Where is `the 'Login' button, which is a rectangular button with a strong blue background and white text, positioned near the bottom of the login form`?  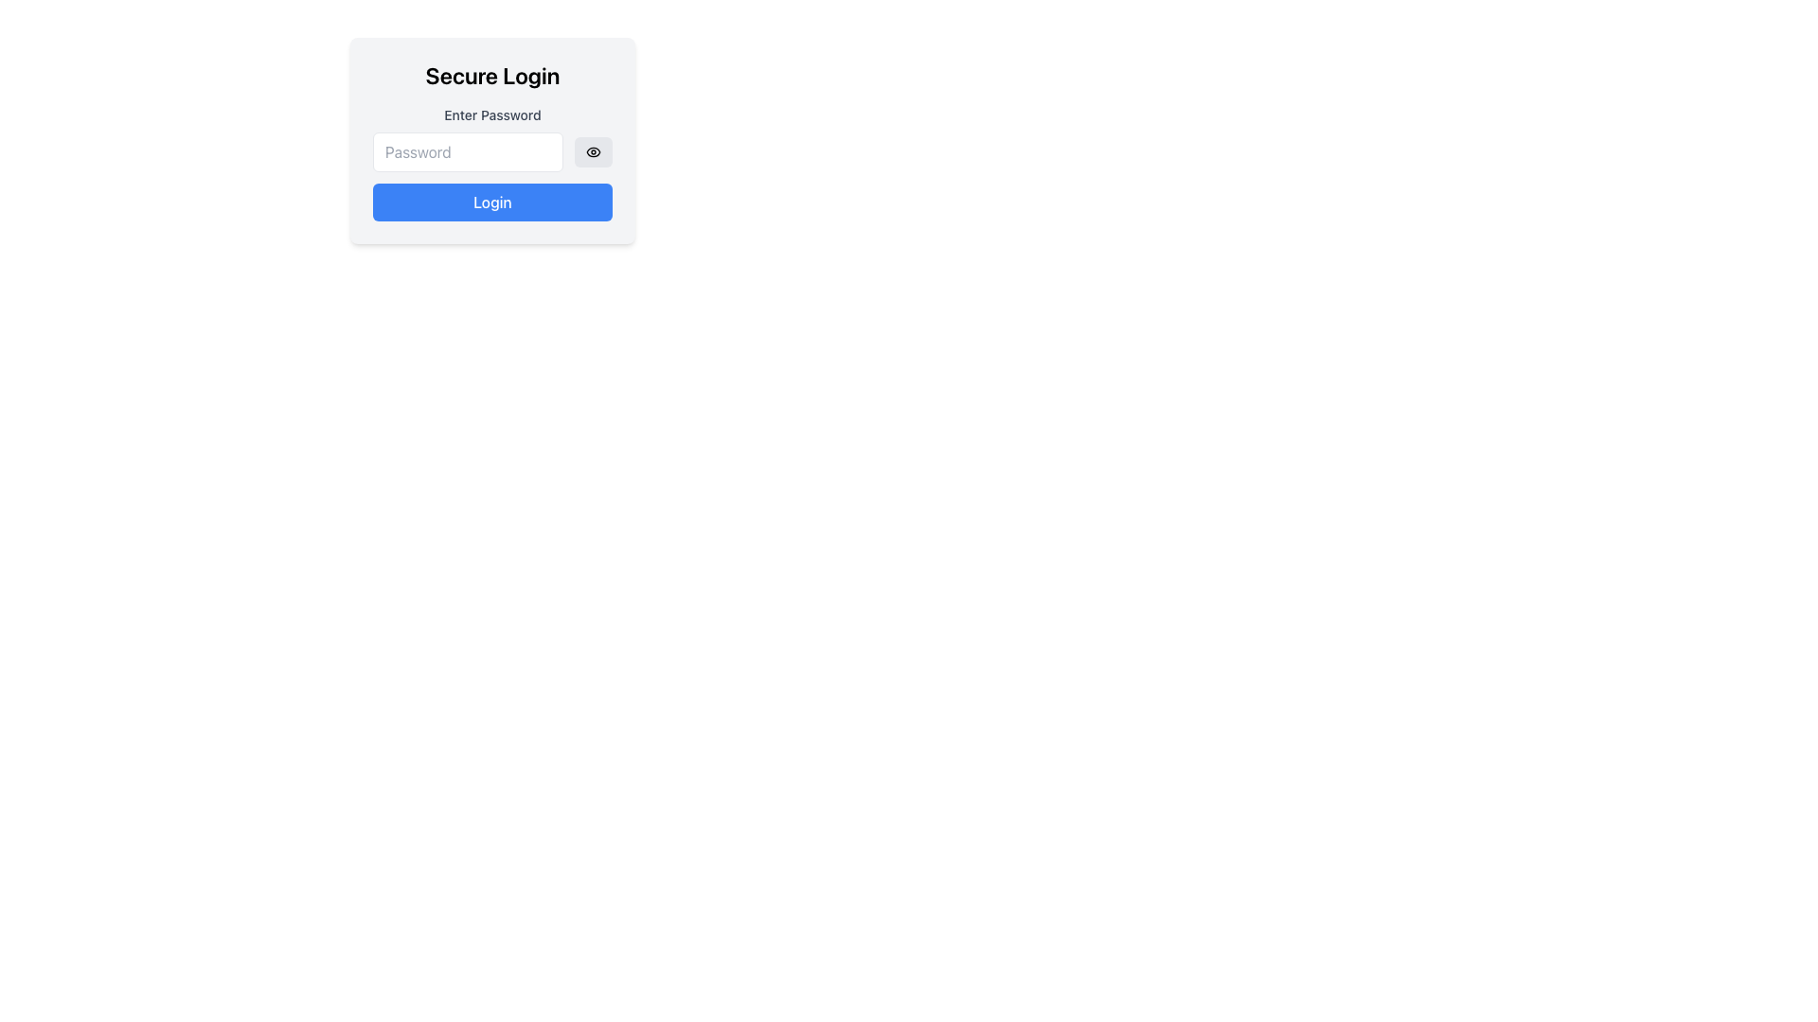 the 'Login' button, which is a rectangular button with a strong blue background and white text, positioned near the bottom of the login form is located at coordinates (492, 202).